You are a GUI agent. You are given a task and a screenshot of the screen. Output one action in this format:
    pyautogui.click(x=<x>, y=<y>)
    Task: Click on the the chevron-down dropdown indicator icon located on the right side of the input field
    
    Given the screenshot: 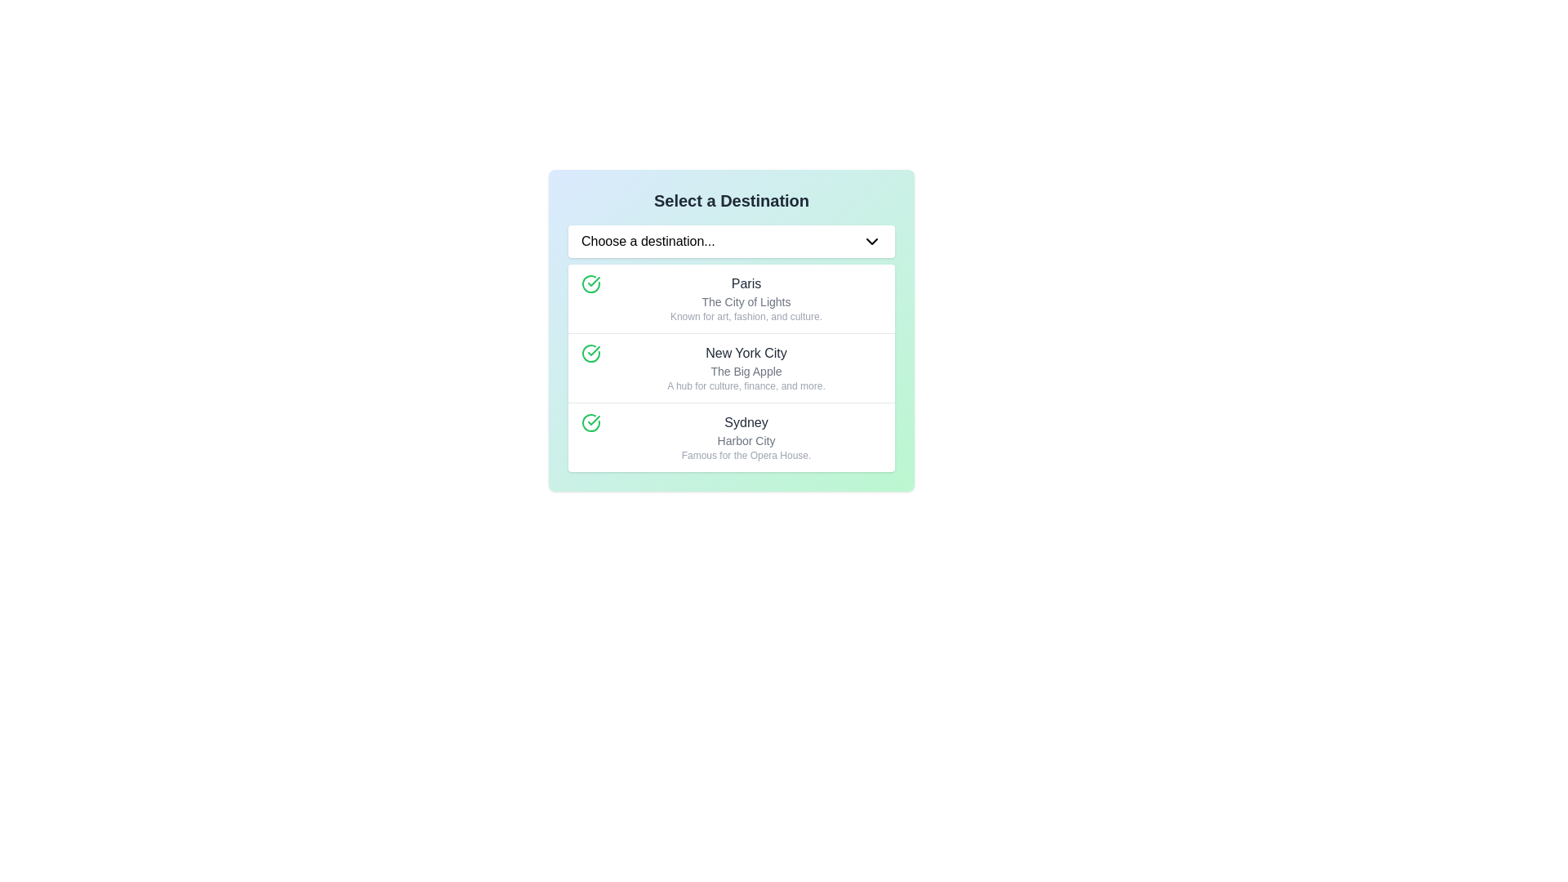 What is the action you would take?
    pyautogui.click(x=871, y=242)
    